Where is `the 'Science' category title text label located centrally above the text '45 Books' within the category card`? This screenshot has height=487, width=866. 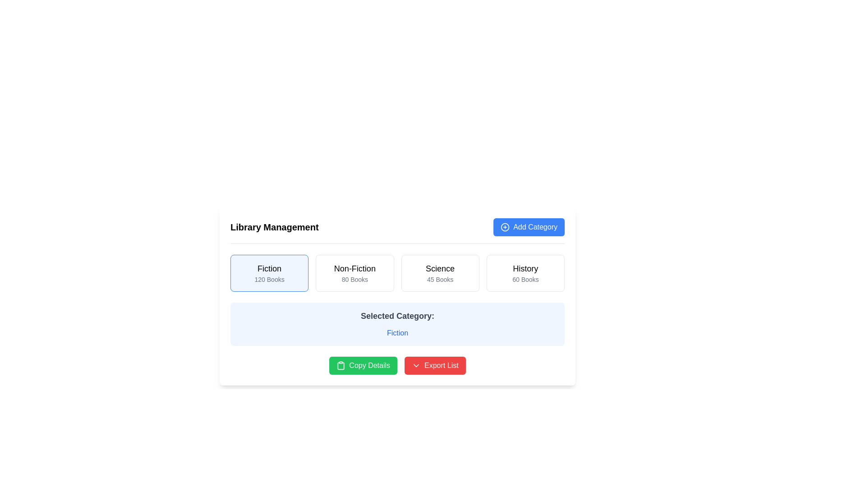
the 'Science' category title text label located centrally above the text '45 Books' within the category card is located at coordinates (440, 268).